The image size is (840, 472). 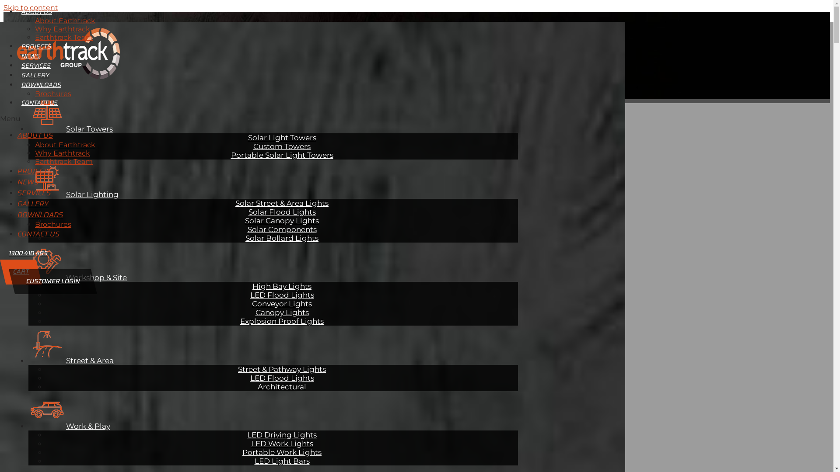 What do you see at coordinates (241, 237) in the screenshot?
I see `'Solar Bollard Lights'` at bounding box center [241, 237].